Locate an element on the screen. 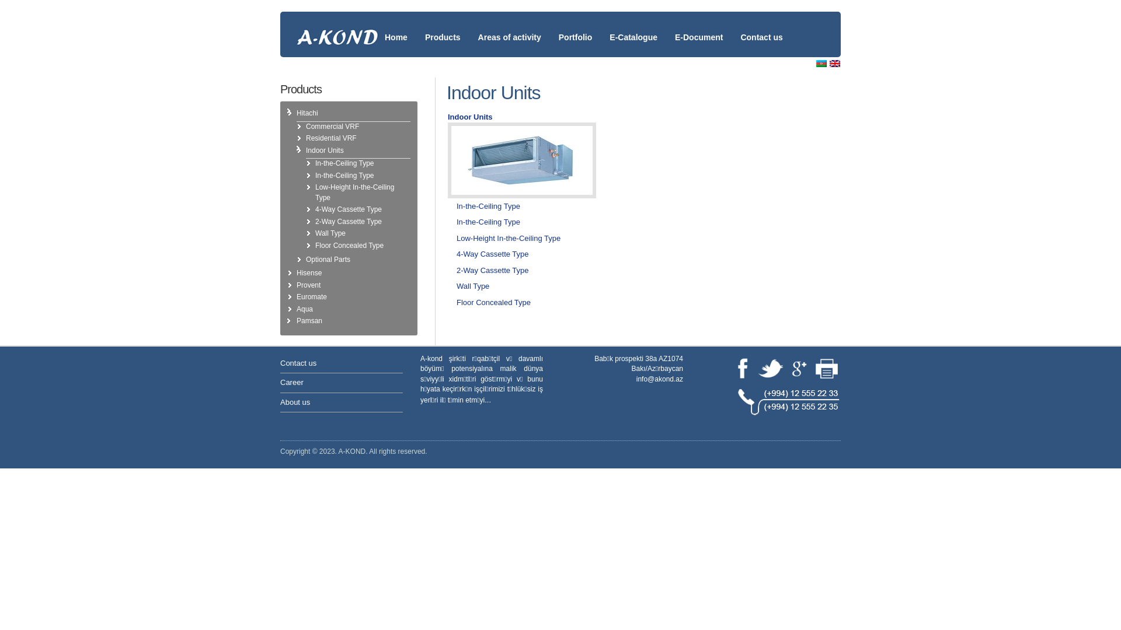 The width and height of the screenshot is (1121, 630). 'In-the-Ceiling Type' is located at coordinates (344, 163).